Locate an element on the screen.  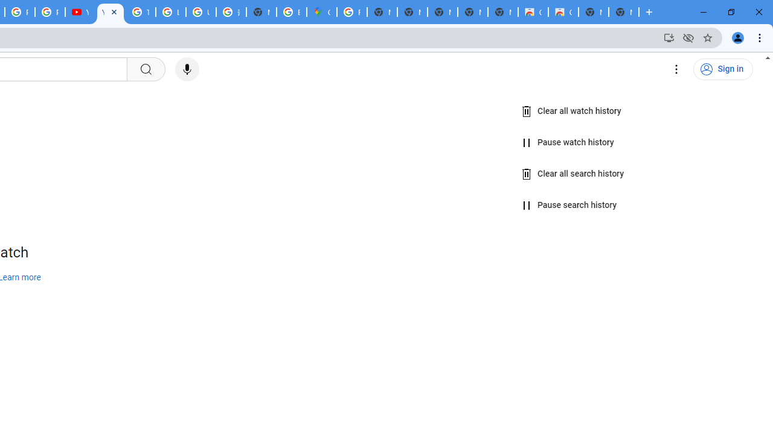
'Search with your voice' is located at coordinates (186, 69).